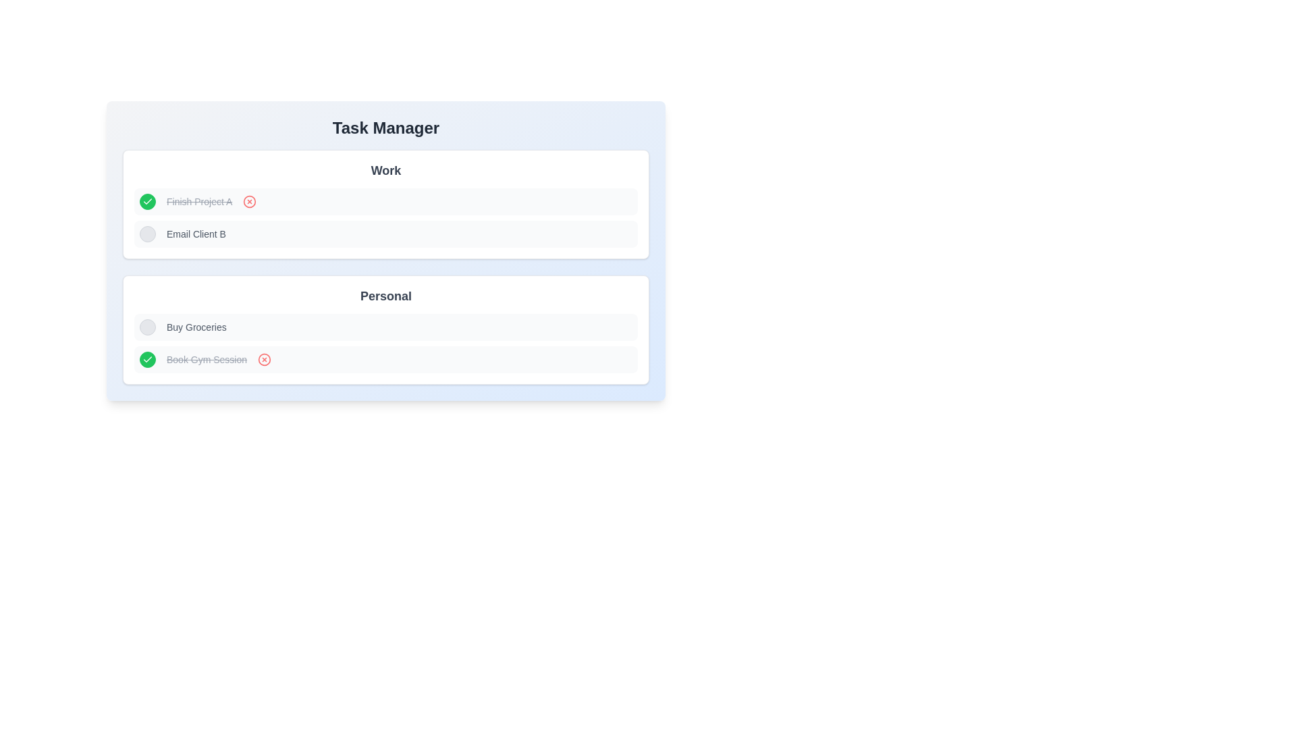  Describe the element at coordinates (385, 343) in the screenshot. I see `the 'Buy Groceries' task in the 'Personal' task list` at that location.